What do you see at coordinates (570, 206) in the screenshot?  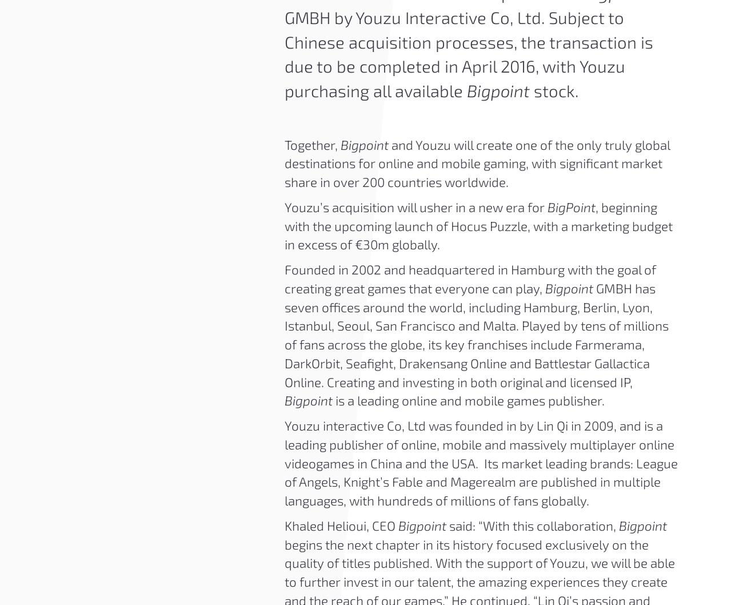 I see `'BigPoint'` at bounding box center [570, 206].